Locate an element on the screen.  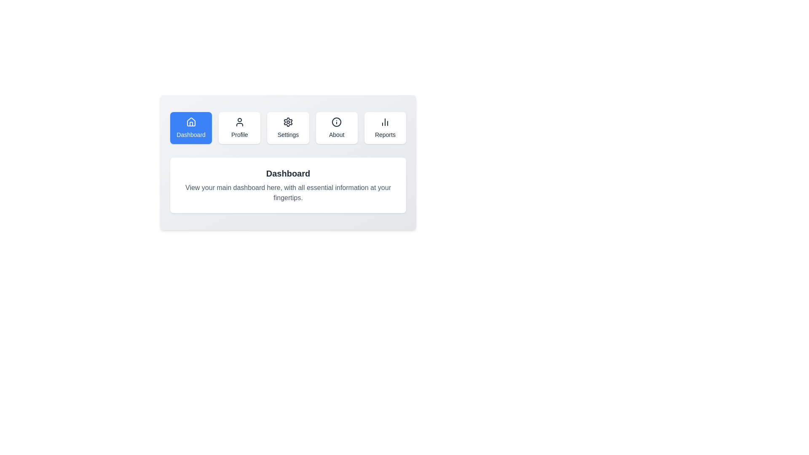
the tab labeled Reports is located at coordinates (385, 128).